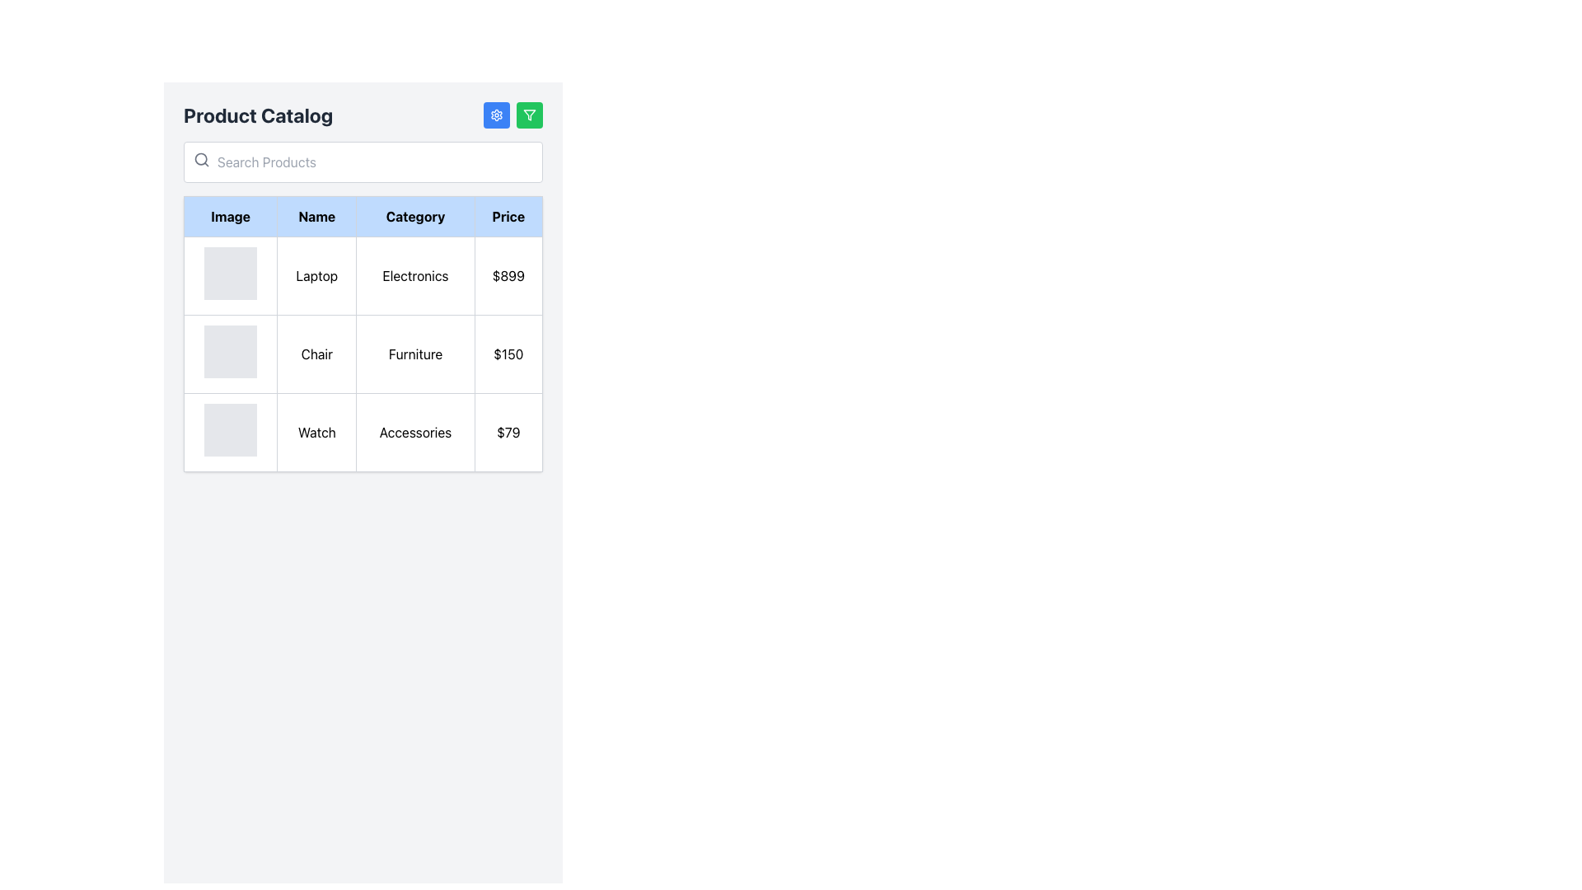  What do you see at coordinates (415, 275) in the screenshot?
I see `the table cell displaying the category 'Electronics' for the item 'Laptop' in the data structure` at bounding box center [415, 275].